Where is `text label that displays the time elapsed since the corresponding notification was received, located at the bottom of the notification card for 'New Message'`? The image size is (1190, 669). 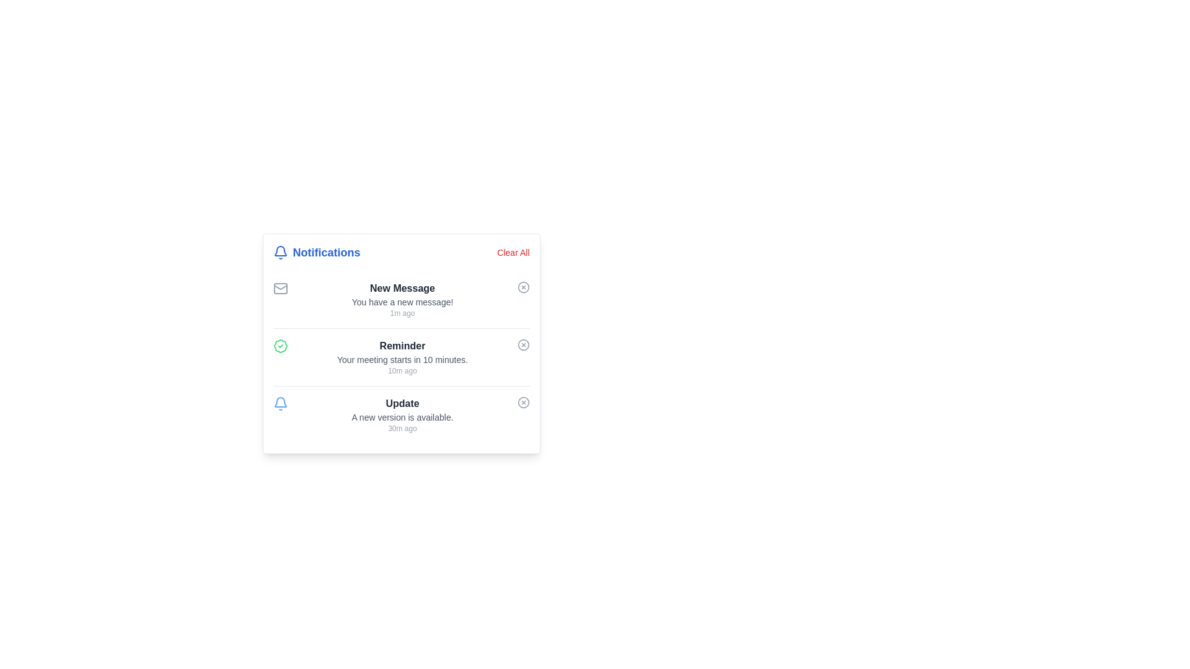
text label that displays the time elapsed since the corresponding notification was received, located at the bottom of the notification card for 'New Message' is located at coordinates (402, 312).